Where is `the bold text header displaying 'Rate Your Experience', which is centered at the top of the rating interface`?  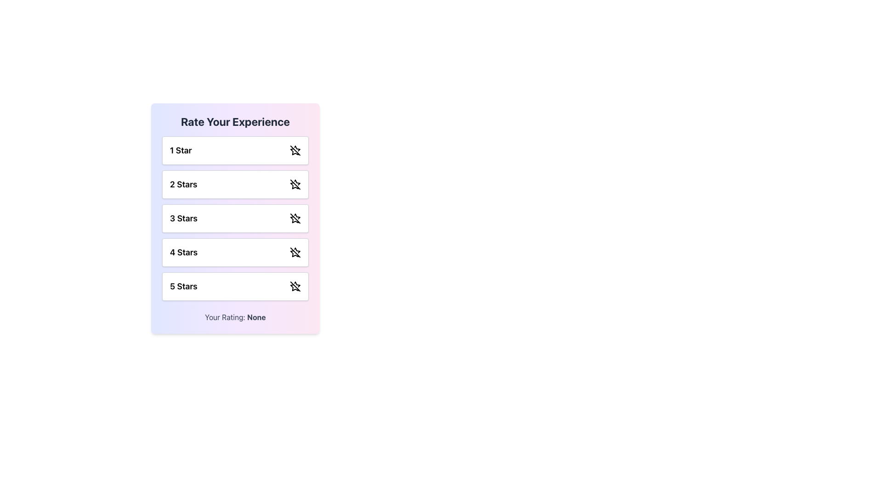 the bold text header displaying 'Rate Your Experience', which is centered at the top of the rating interface is located at coordinates (235, 121).